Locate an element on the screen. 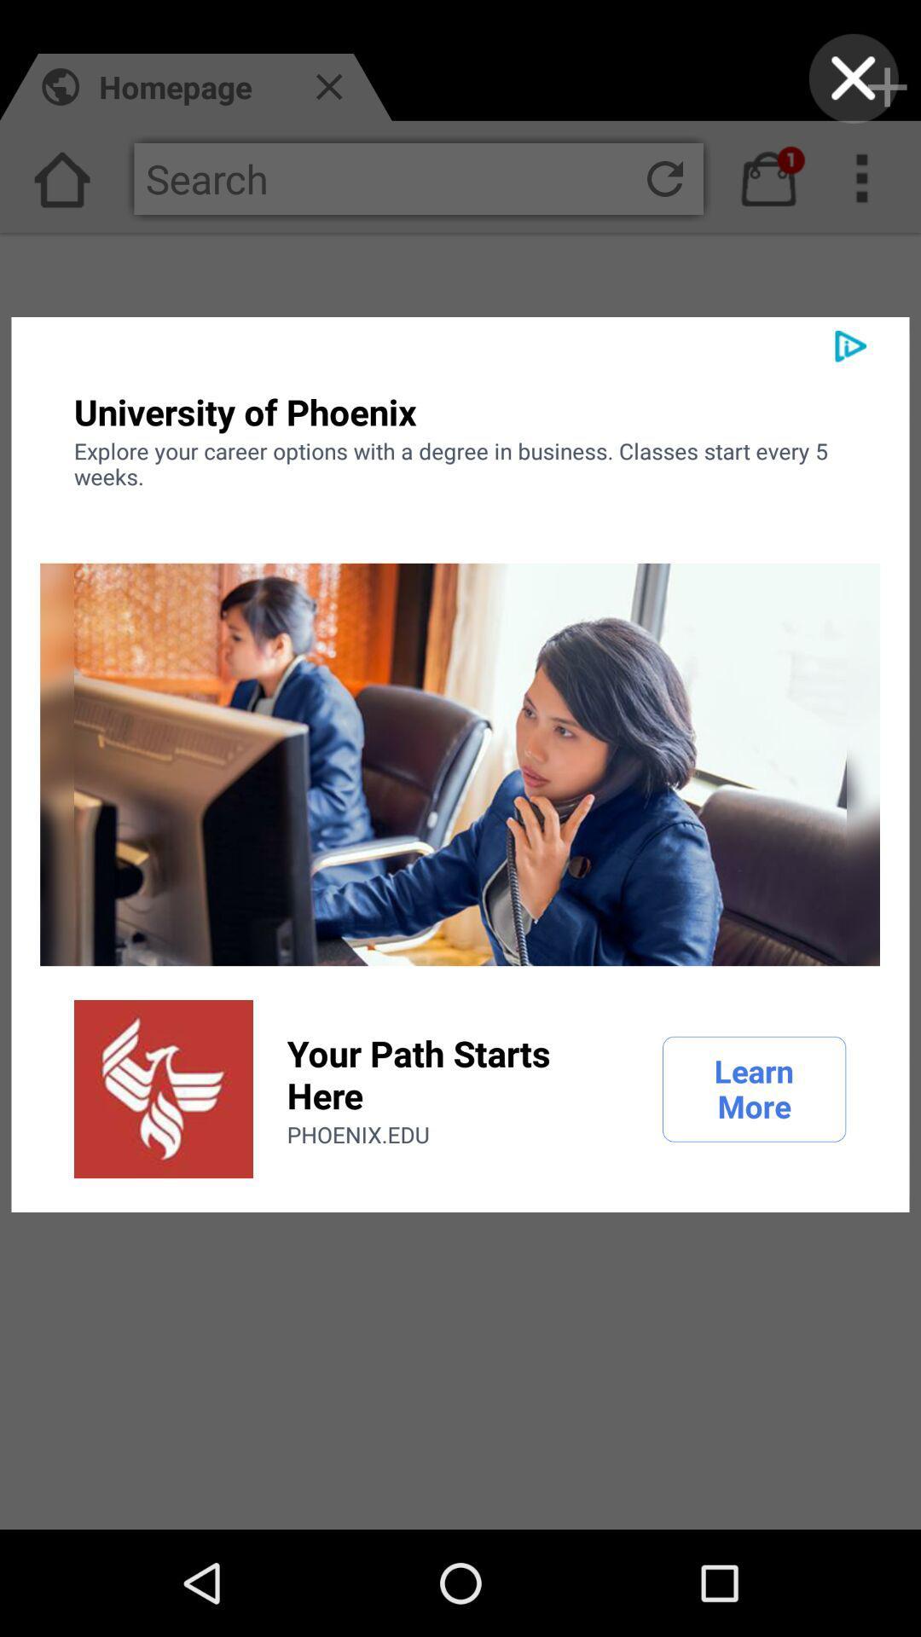  the item to the right of the your path starts is located at coordinates (753, 1088).